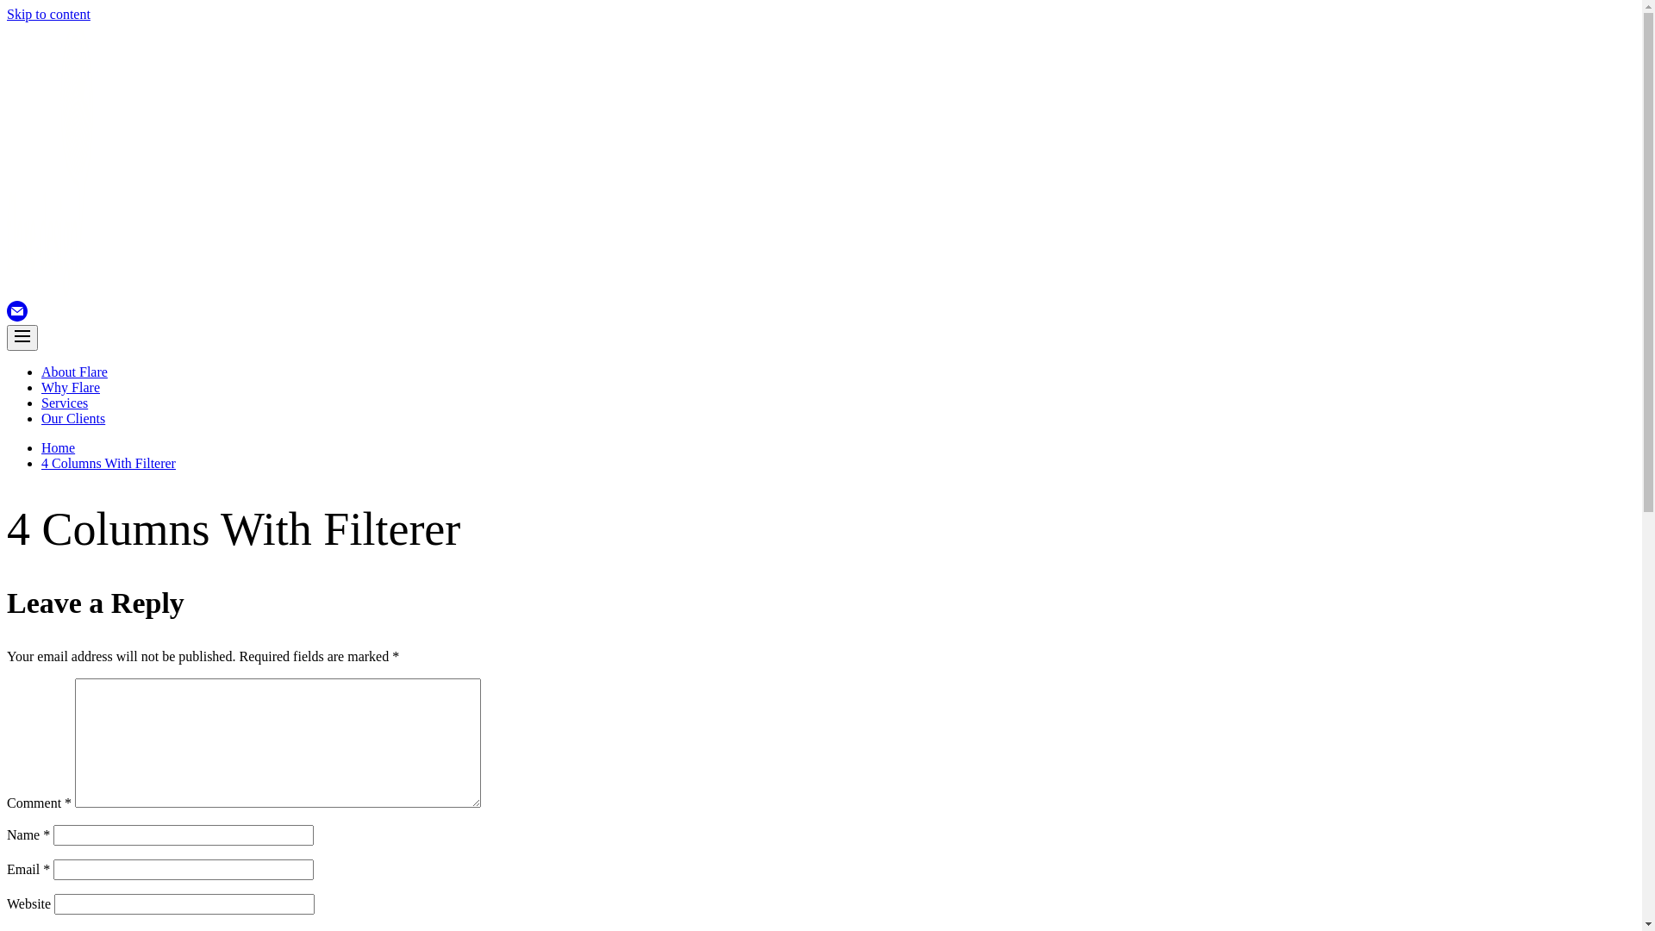  Describe the element at coordinates (41, 418) in the screenshot. I see `'Our Clients'` at that location.